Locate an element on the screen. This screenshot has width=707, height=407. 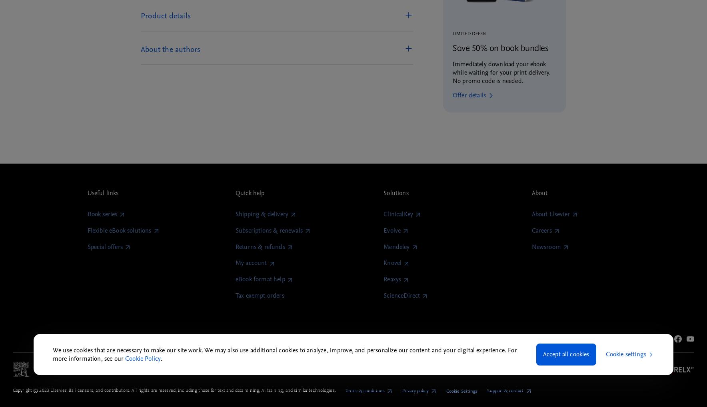
'Copyright © 2023 Elsevier, its licensors, and contributors. All rights are reserved, including those for text and data mining, AI training, and similar technologies.' is located at coordinates (174, 389).